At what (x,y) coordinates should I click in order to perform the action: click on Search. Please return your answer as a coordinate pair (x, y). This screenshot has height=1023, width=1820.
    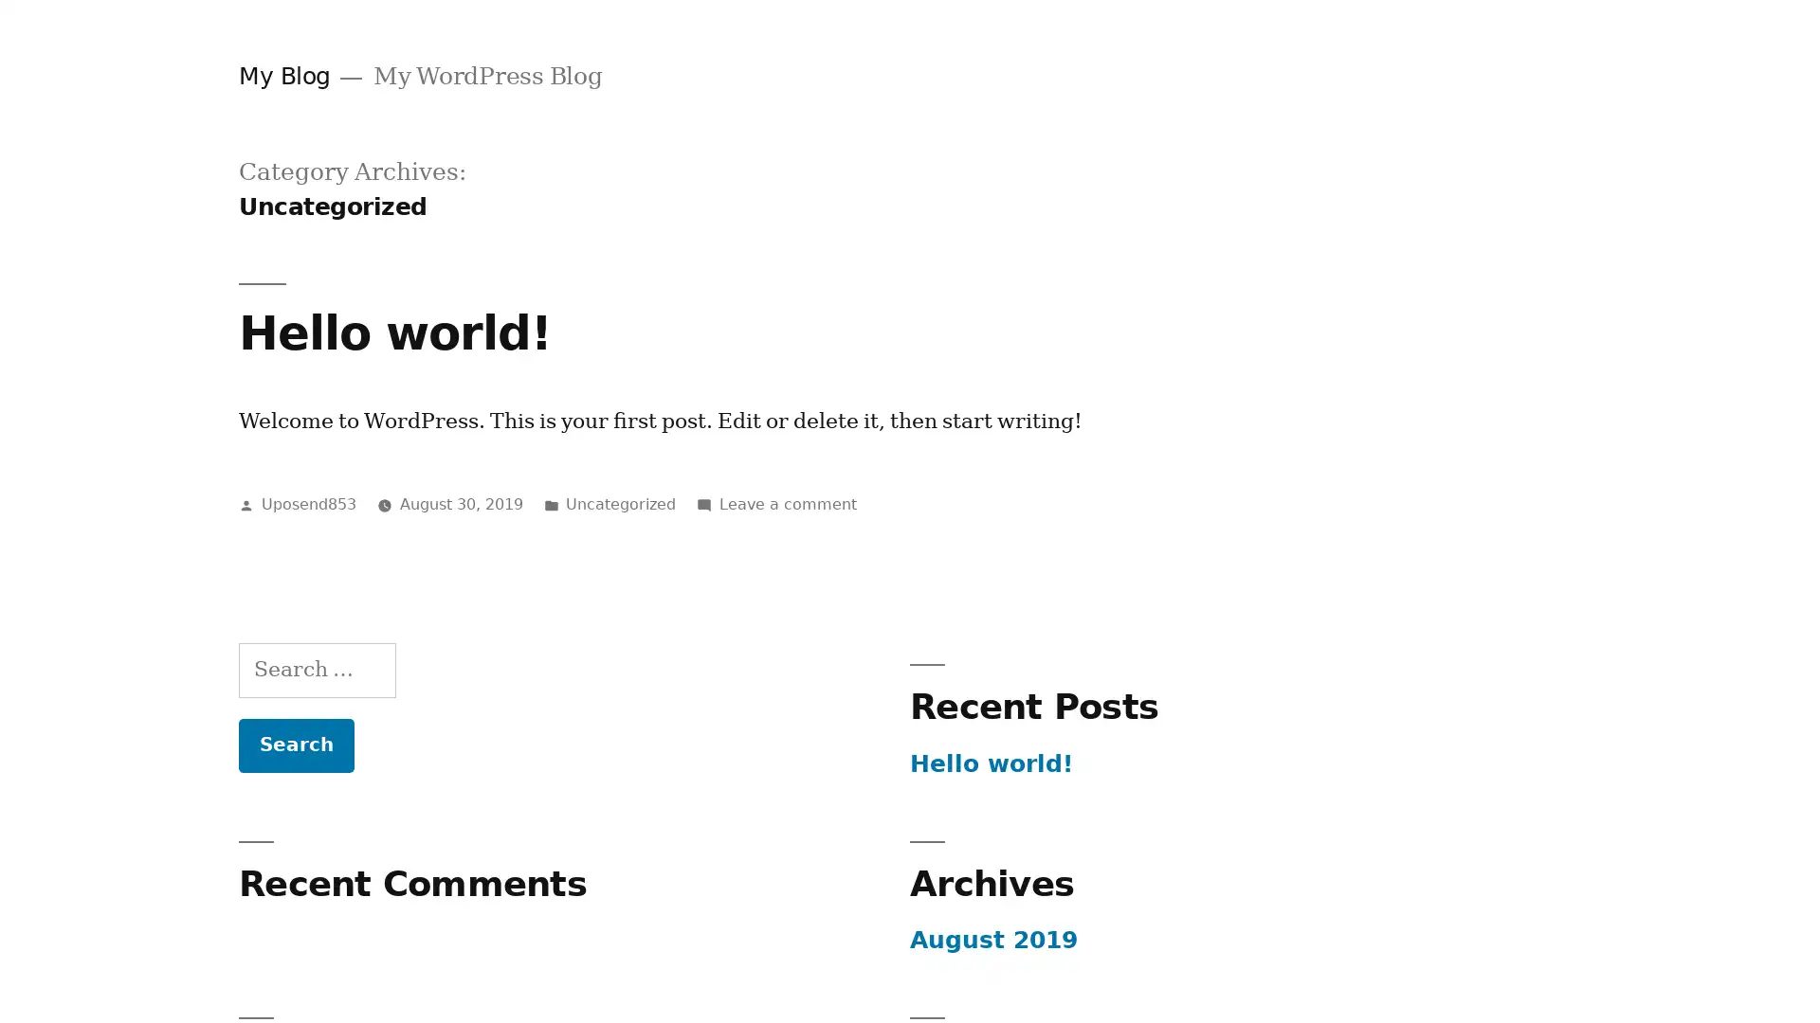
    Looking at the image, I should click on (295, 744).